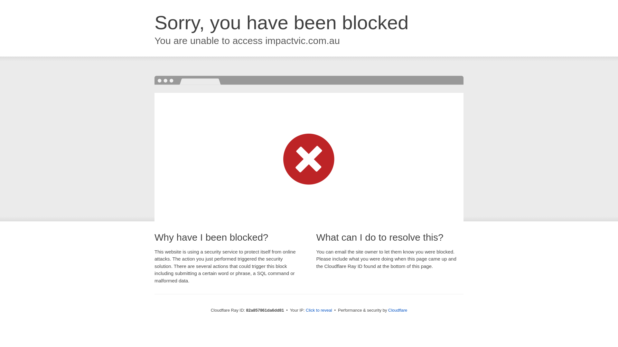  What do you see at coordinates (319, 310) in the screenshot?
I see `'Click to reveal'` at bounding box center [319, 310].